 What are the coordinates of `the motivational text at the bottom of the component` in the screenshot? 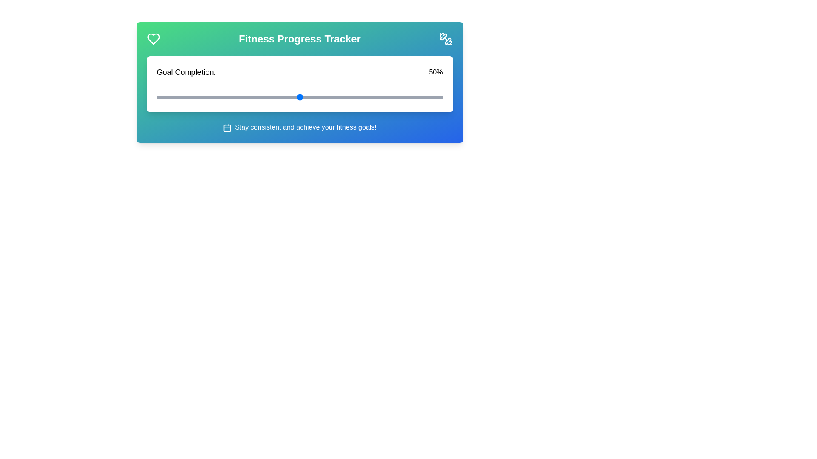 It's located at (300, 127).